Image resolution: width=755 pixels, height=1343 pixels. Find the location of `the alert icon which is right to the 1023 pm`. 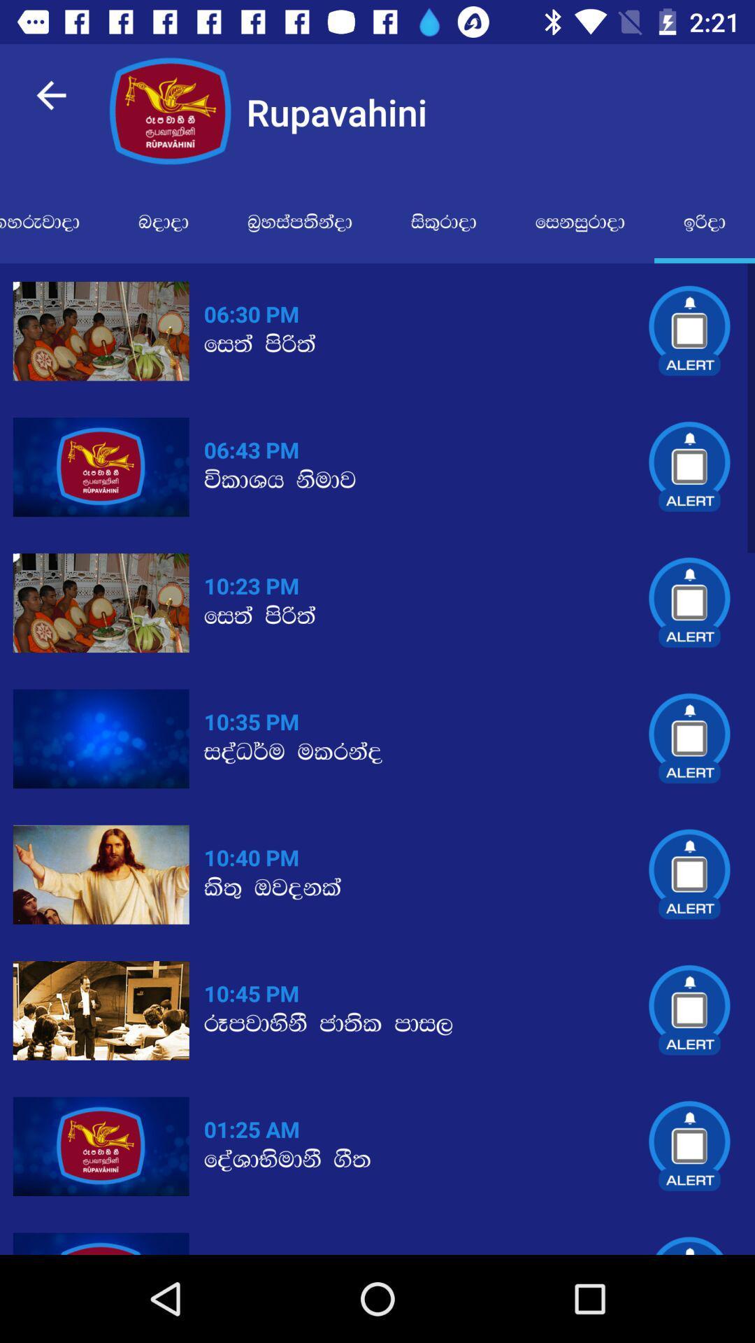

the alert icon which is right to the 1023 pm is located at coordinates (689, 603).